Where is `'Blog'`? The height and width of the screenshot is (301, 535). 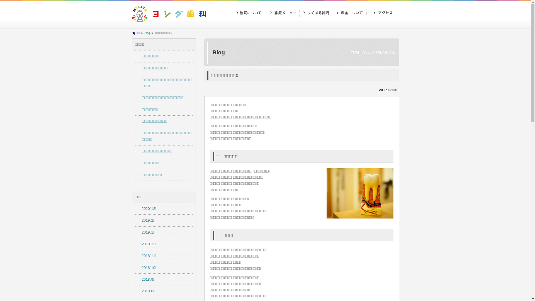
'Blog' is located at coordinates (147, 33).